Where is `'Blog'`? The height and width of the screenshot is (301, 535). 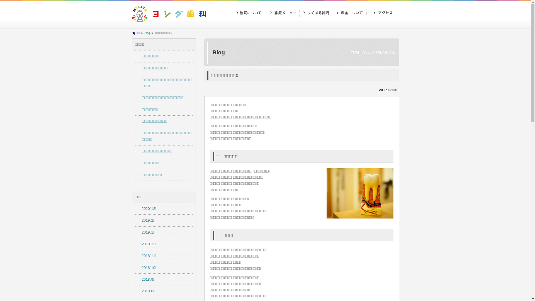
'Blog' is located at coordinates (147, 33).